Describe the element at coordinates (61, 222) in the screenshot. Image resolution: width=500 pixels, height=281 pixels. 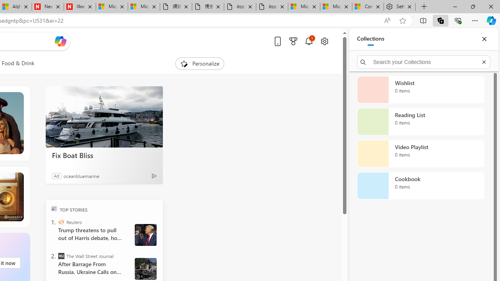
I see `'Reuters'` at that location.